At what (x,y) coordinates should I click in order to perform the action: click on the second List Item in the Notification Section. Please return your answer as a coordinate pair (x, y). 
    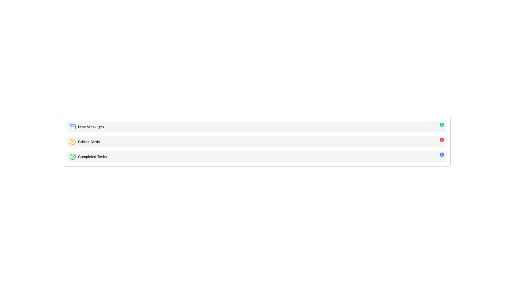
    Looking at the image, I should click on (256, 141).